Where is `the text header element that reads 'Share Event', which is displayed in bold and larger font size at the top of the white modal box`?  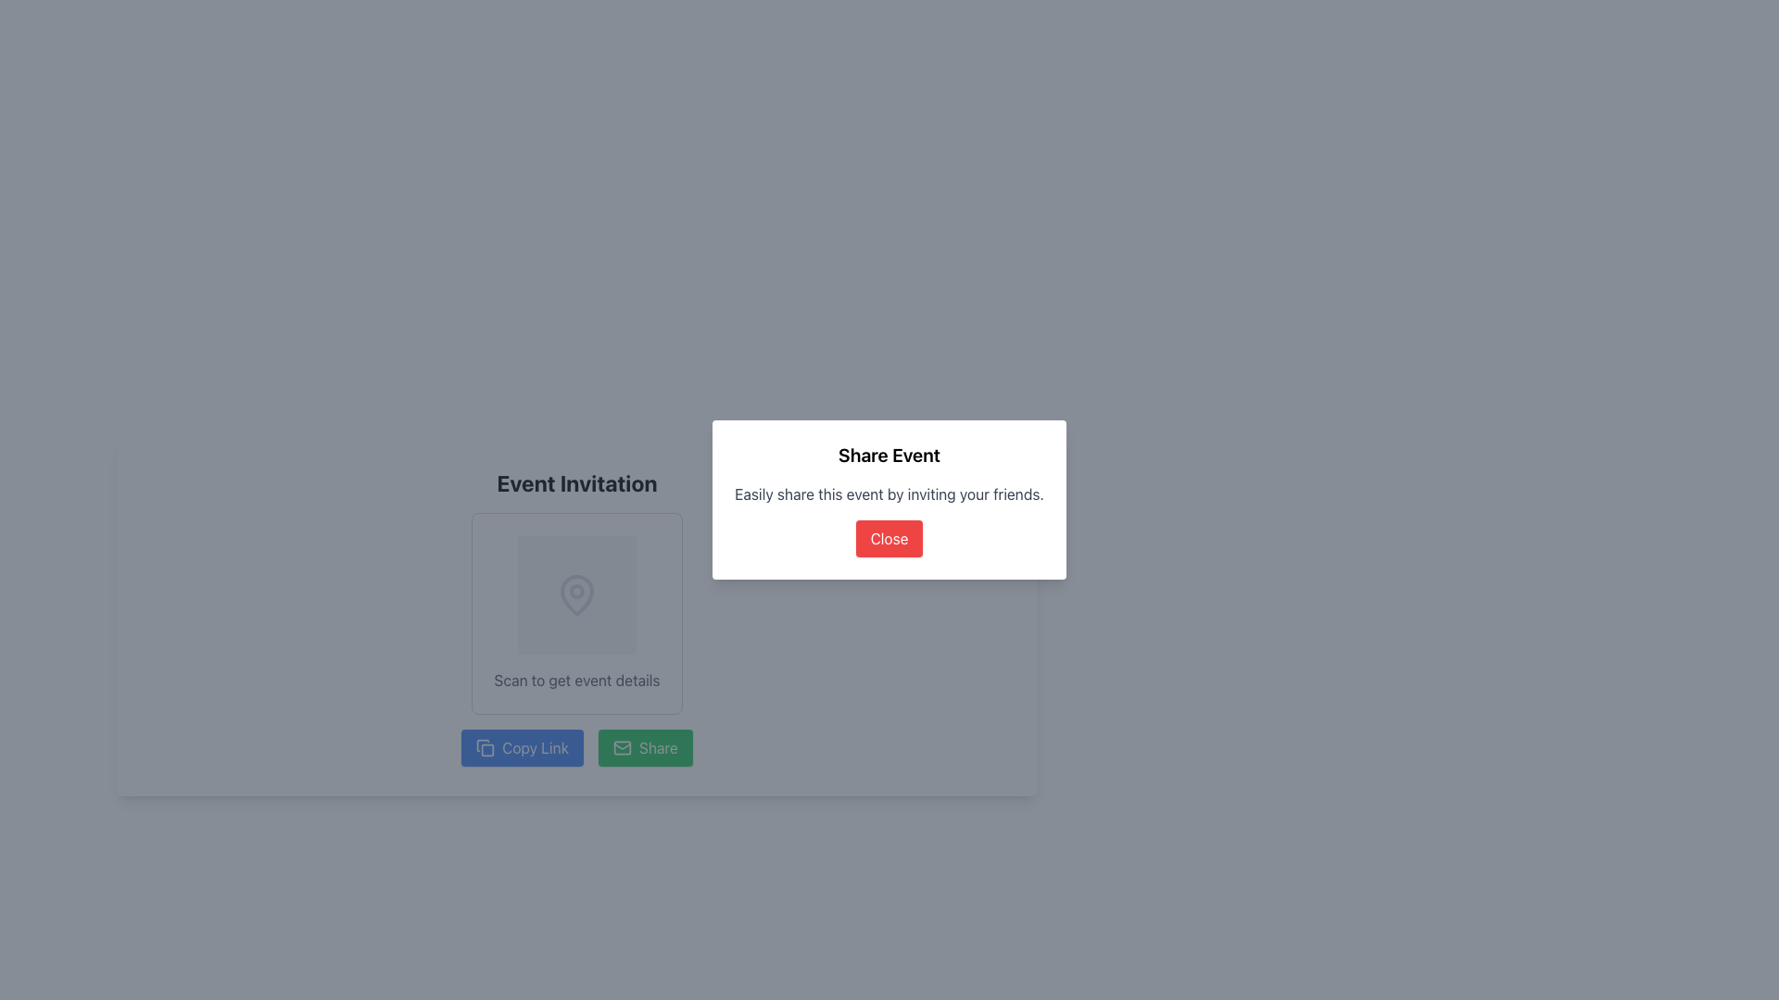 the text header element that reads 'Share Event', which is displayed in bold and larger font size at the top of the white modal box is located at coordinates (889, 456).